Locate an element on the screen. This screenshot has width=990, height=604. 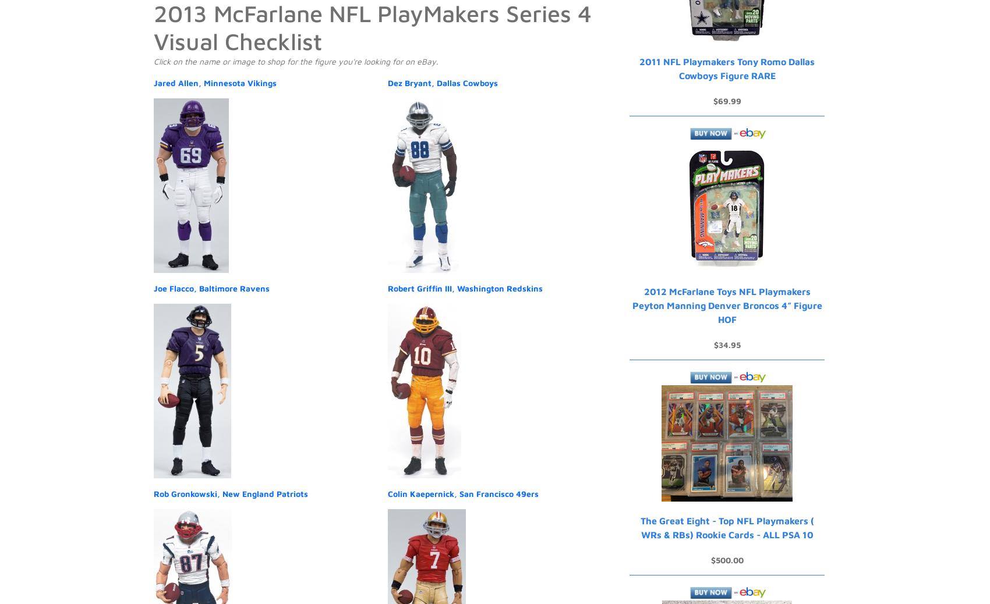
'Privacy' is located at coordinates (568, 485).